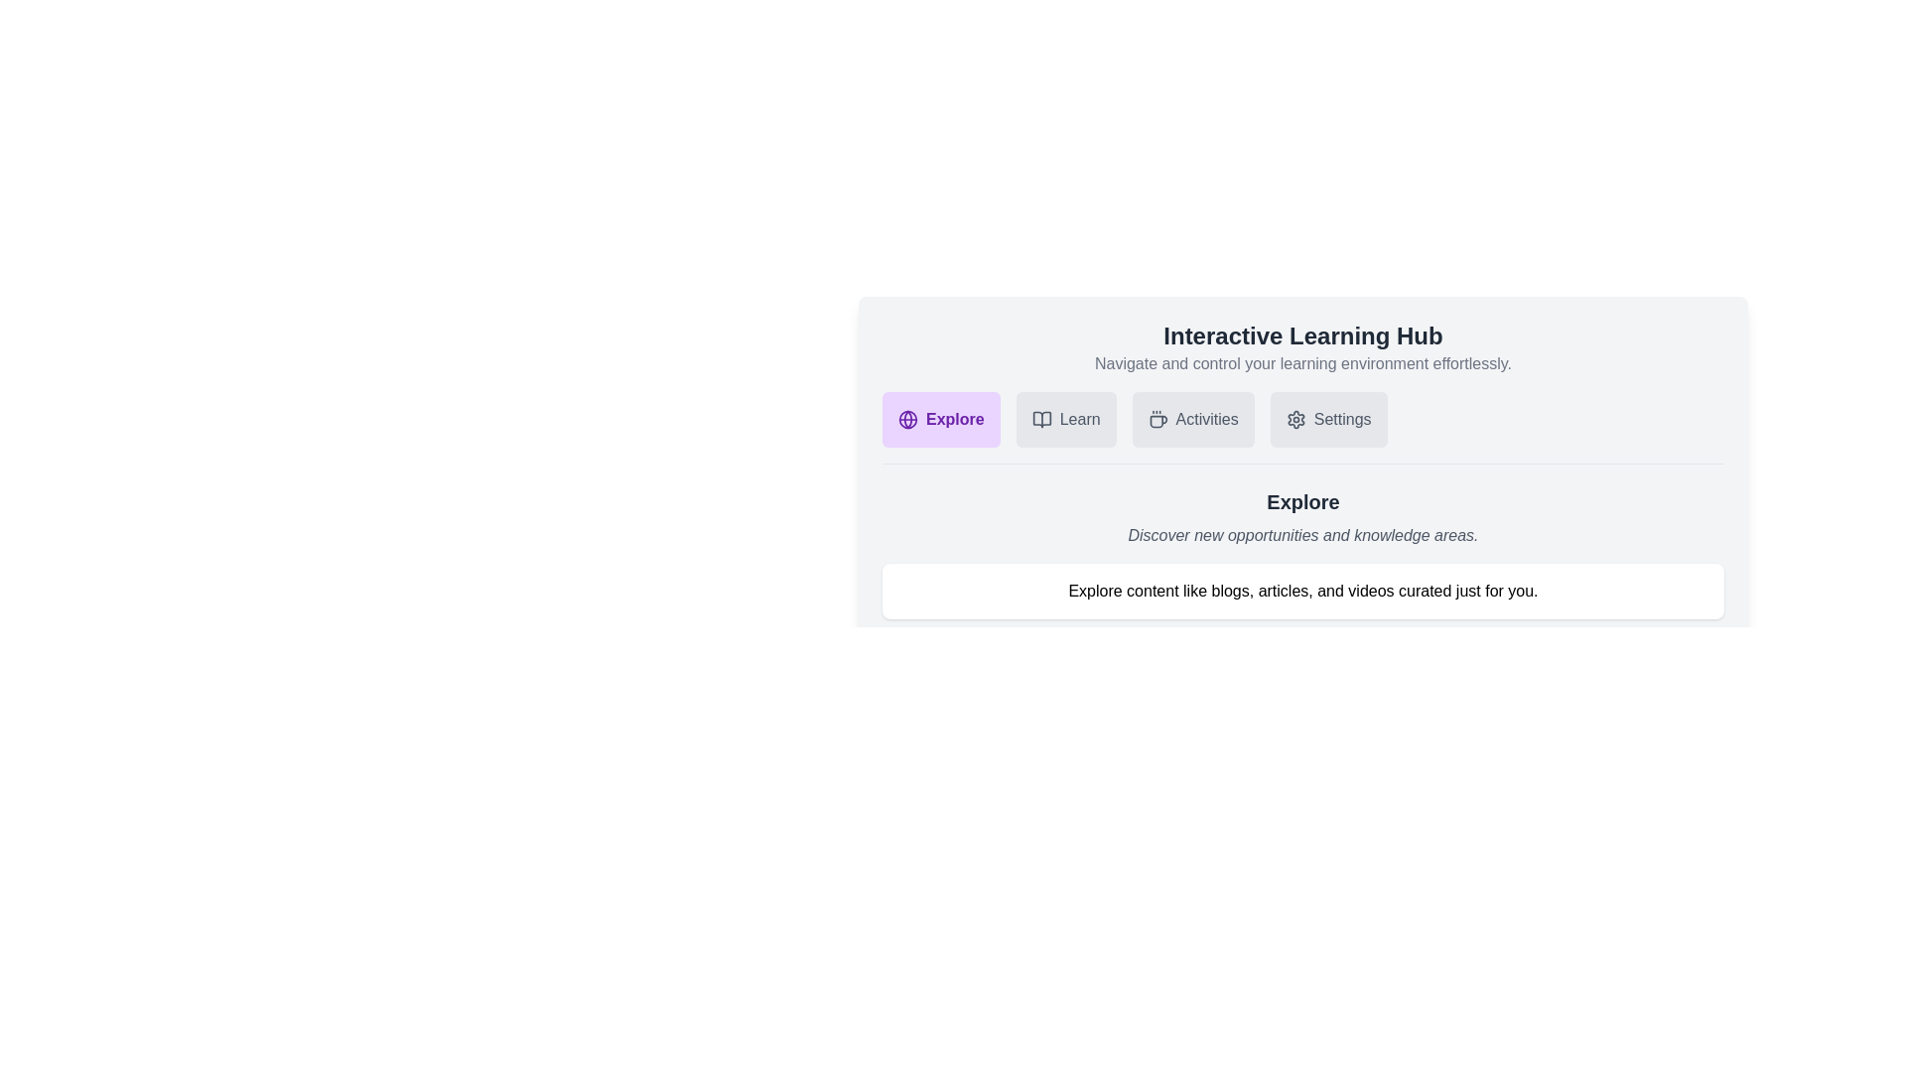 This screenshot has height=1072, width=1906. Describe the element at coordinates (907, 419) in the screenshot. I see `the globe icon, which is purple and located to the left of the 'Explore' text in a button group under the main heading` at that location.